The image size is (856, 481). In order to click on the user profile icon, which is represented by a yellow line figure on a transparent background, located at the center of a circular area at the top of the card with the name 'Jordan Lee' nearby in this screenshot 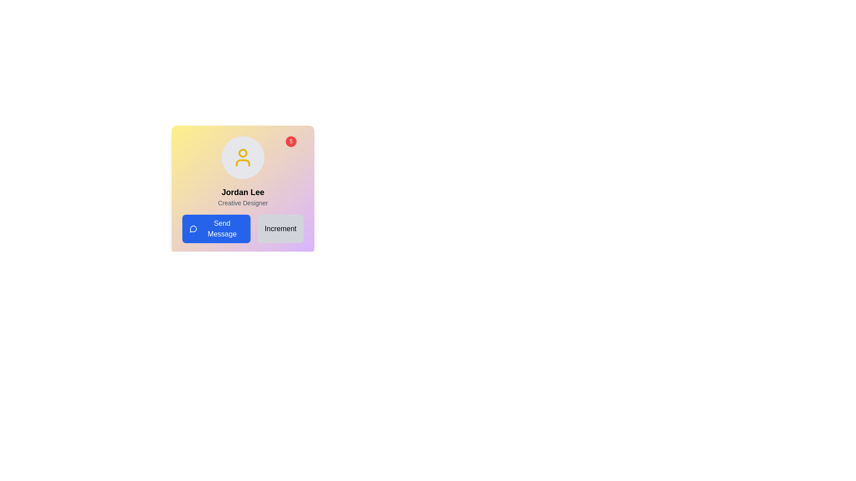, I will do `click(243, 157)`.